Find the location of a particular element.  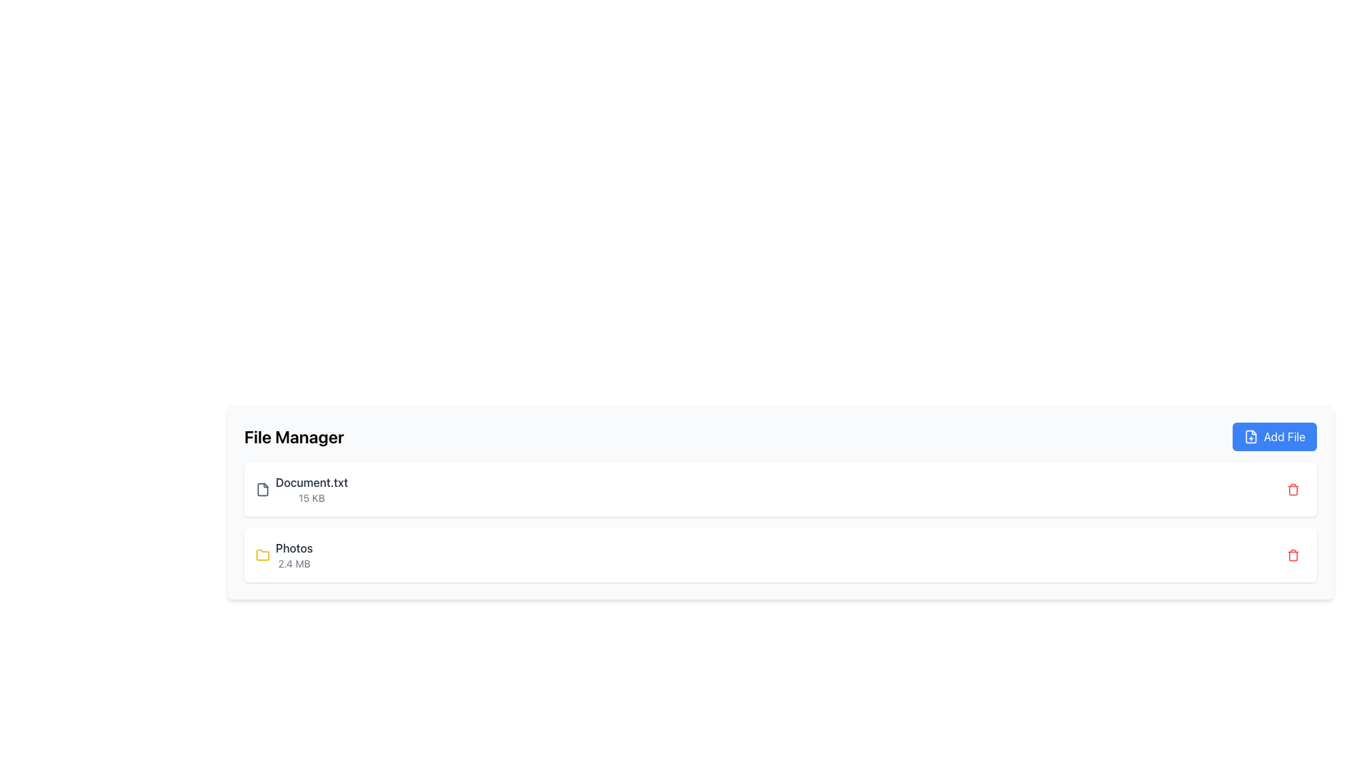

the 'Photos' text label, which is styled with a bold title and is positioned in the second row of the file listing pane next to a yellow folder icon is located at coordinates (294, 555).